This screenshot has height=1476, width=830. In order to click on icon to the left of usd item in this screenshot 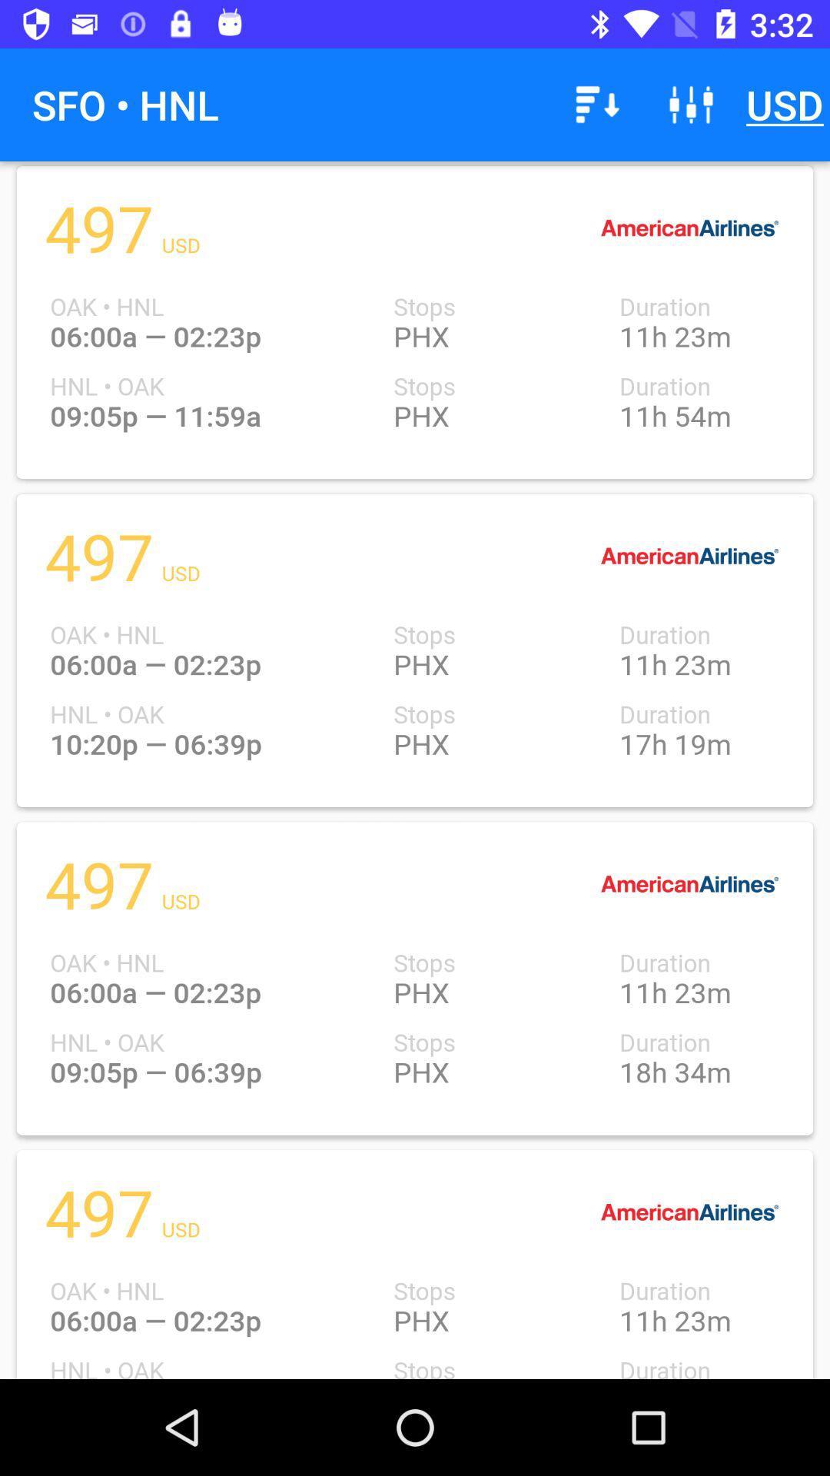, I will do `click(690, 104)`.